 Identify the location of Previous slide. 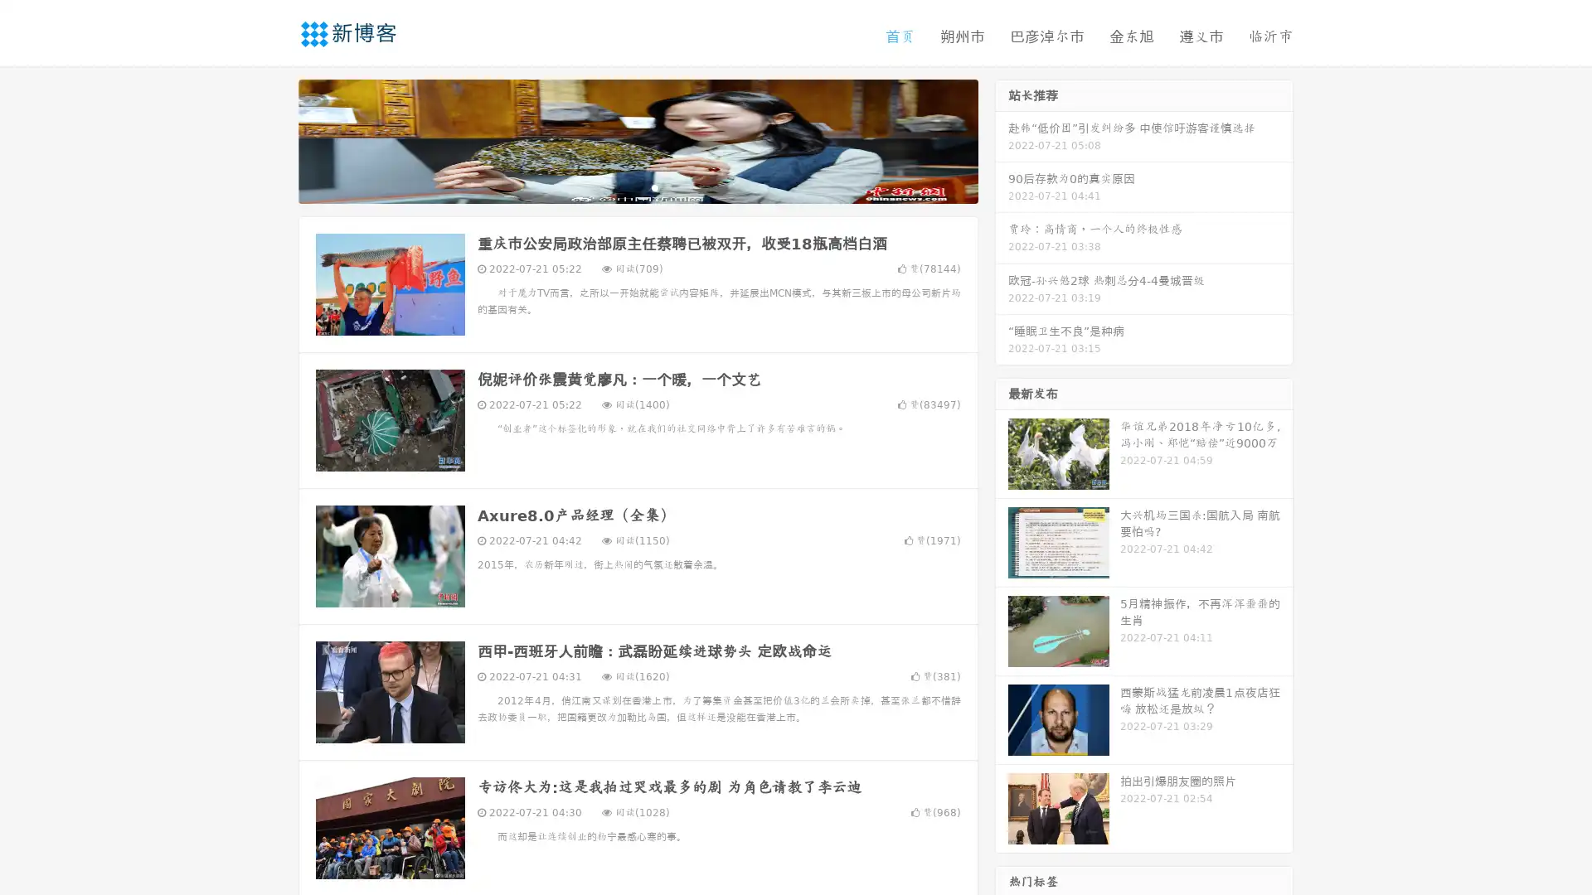
(274, 139).